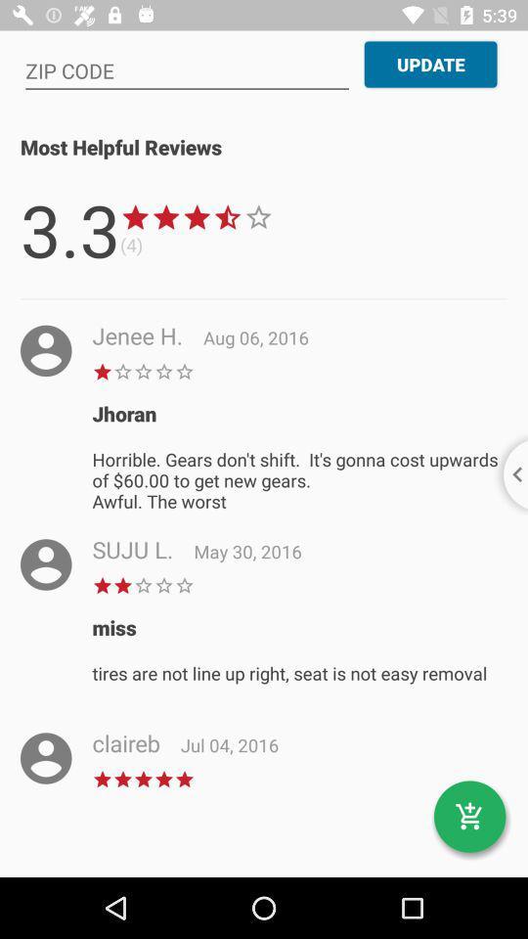 The image size is (528, 939). What do you see at coordinates (468, 817) in the screenshot?
I see `the cart icon` at bounding box center [468, 817].